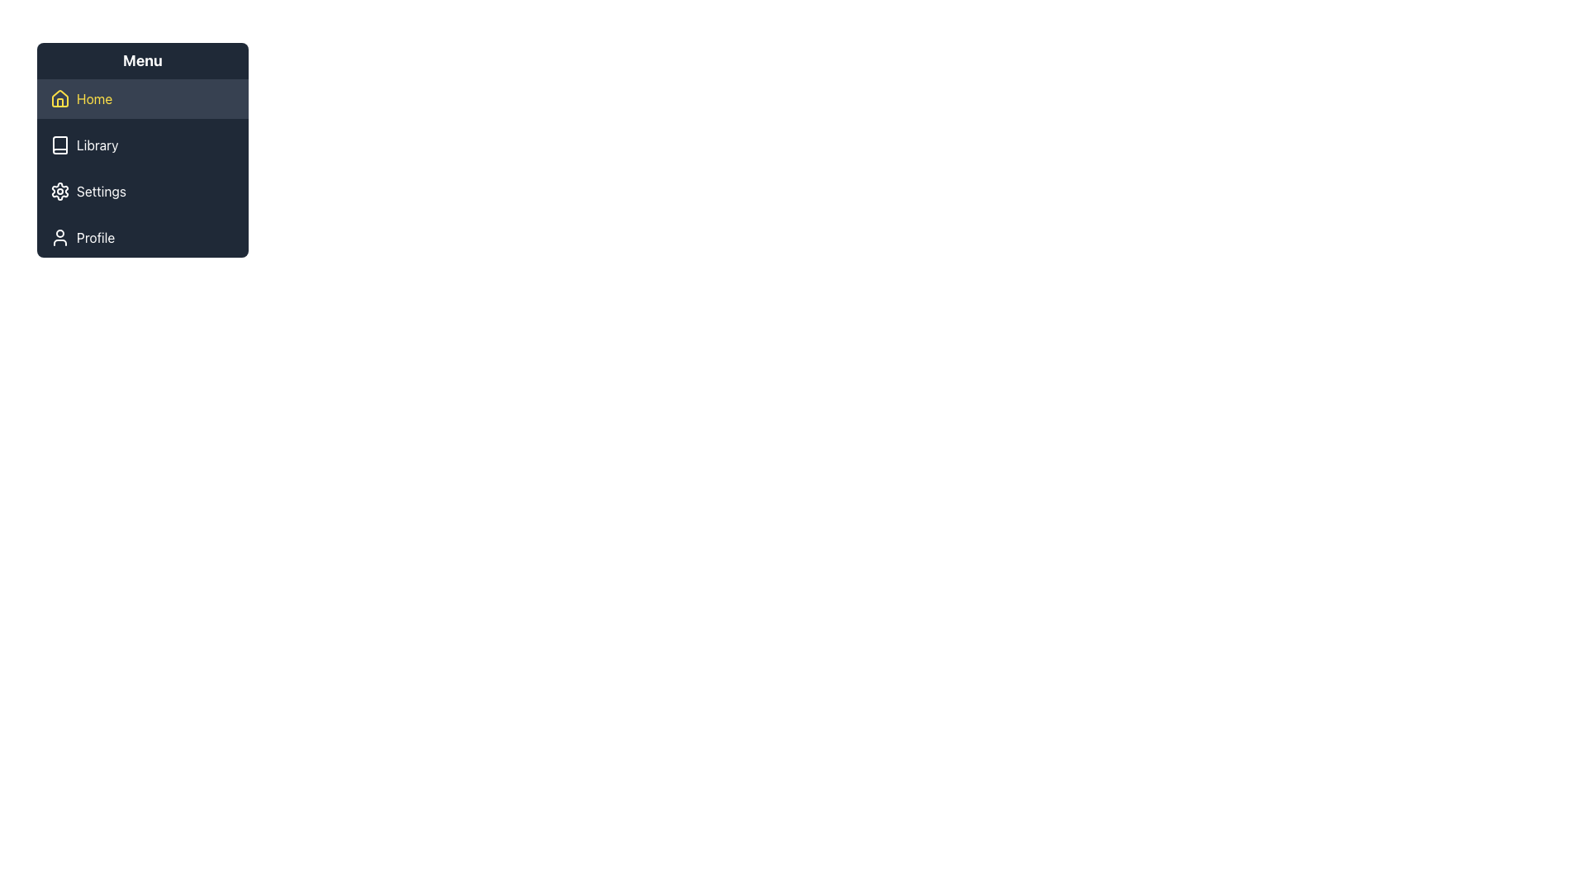 This screenshot has height=892, width=1586. I want to click on the book icon in the 'Library' menu item, which is styled as a line drawing in grayscale and positioned to the left of the 'Library' text label, so click(59, 145).